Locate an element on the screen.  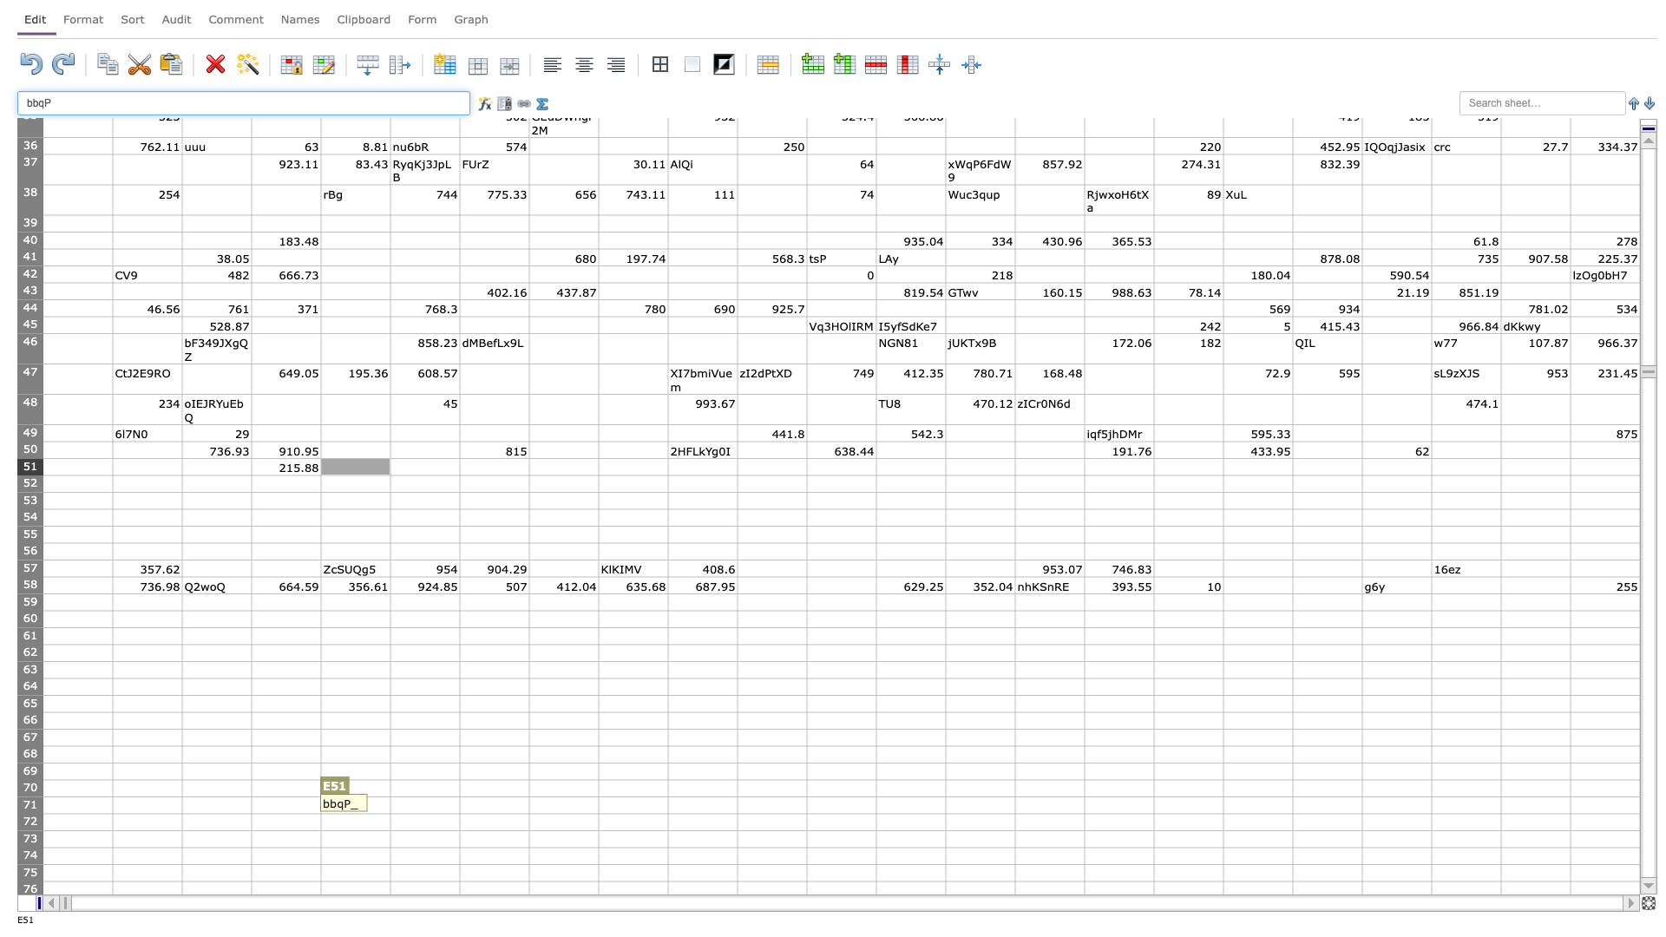
Lower right of G71 is located at coordinates (528, 813).